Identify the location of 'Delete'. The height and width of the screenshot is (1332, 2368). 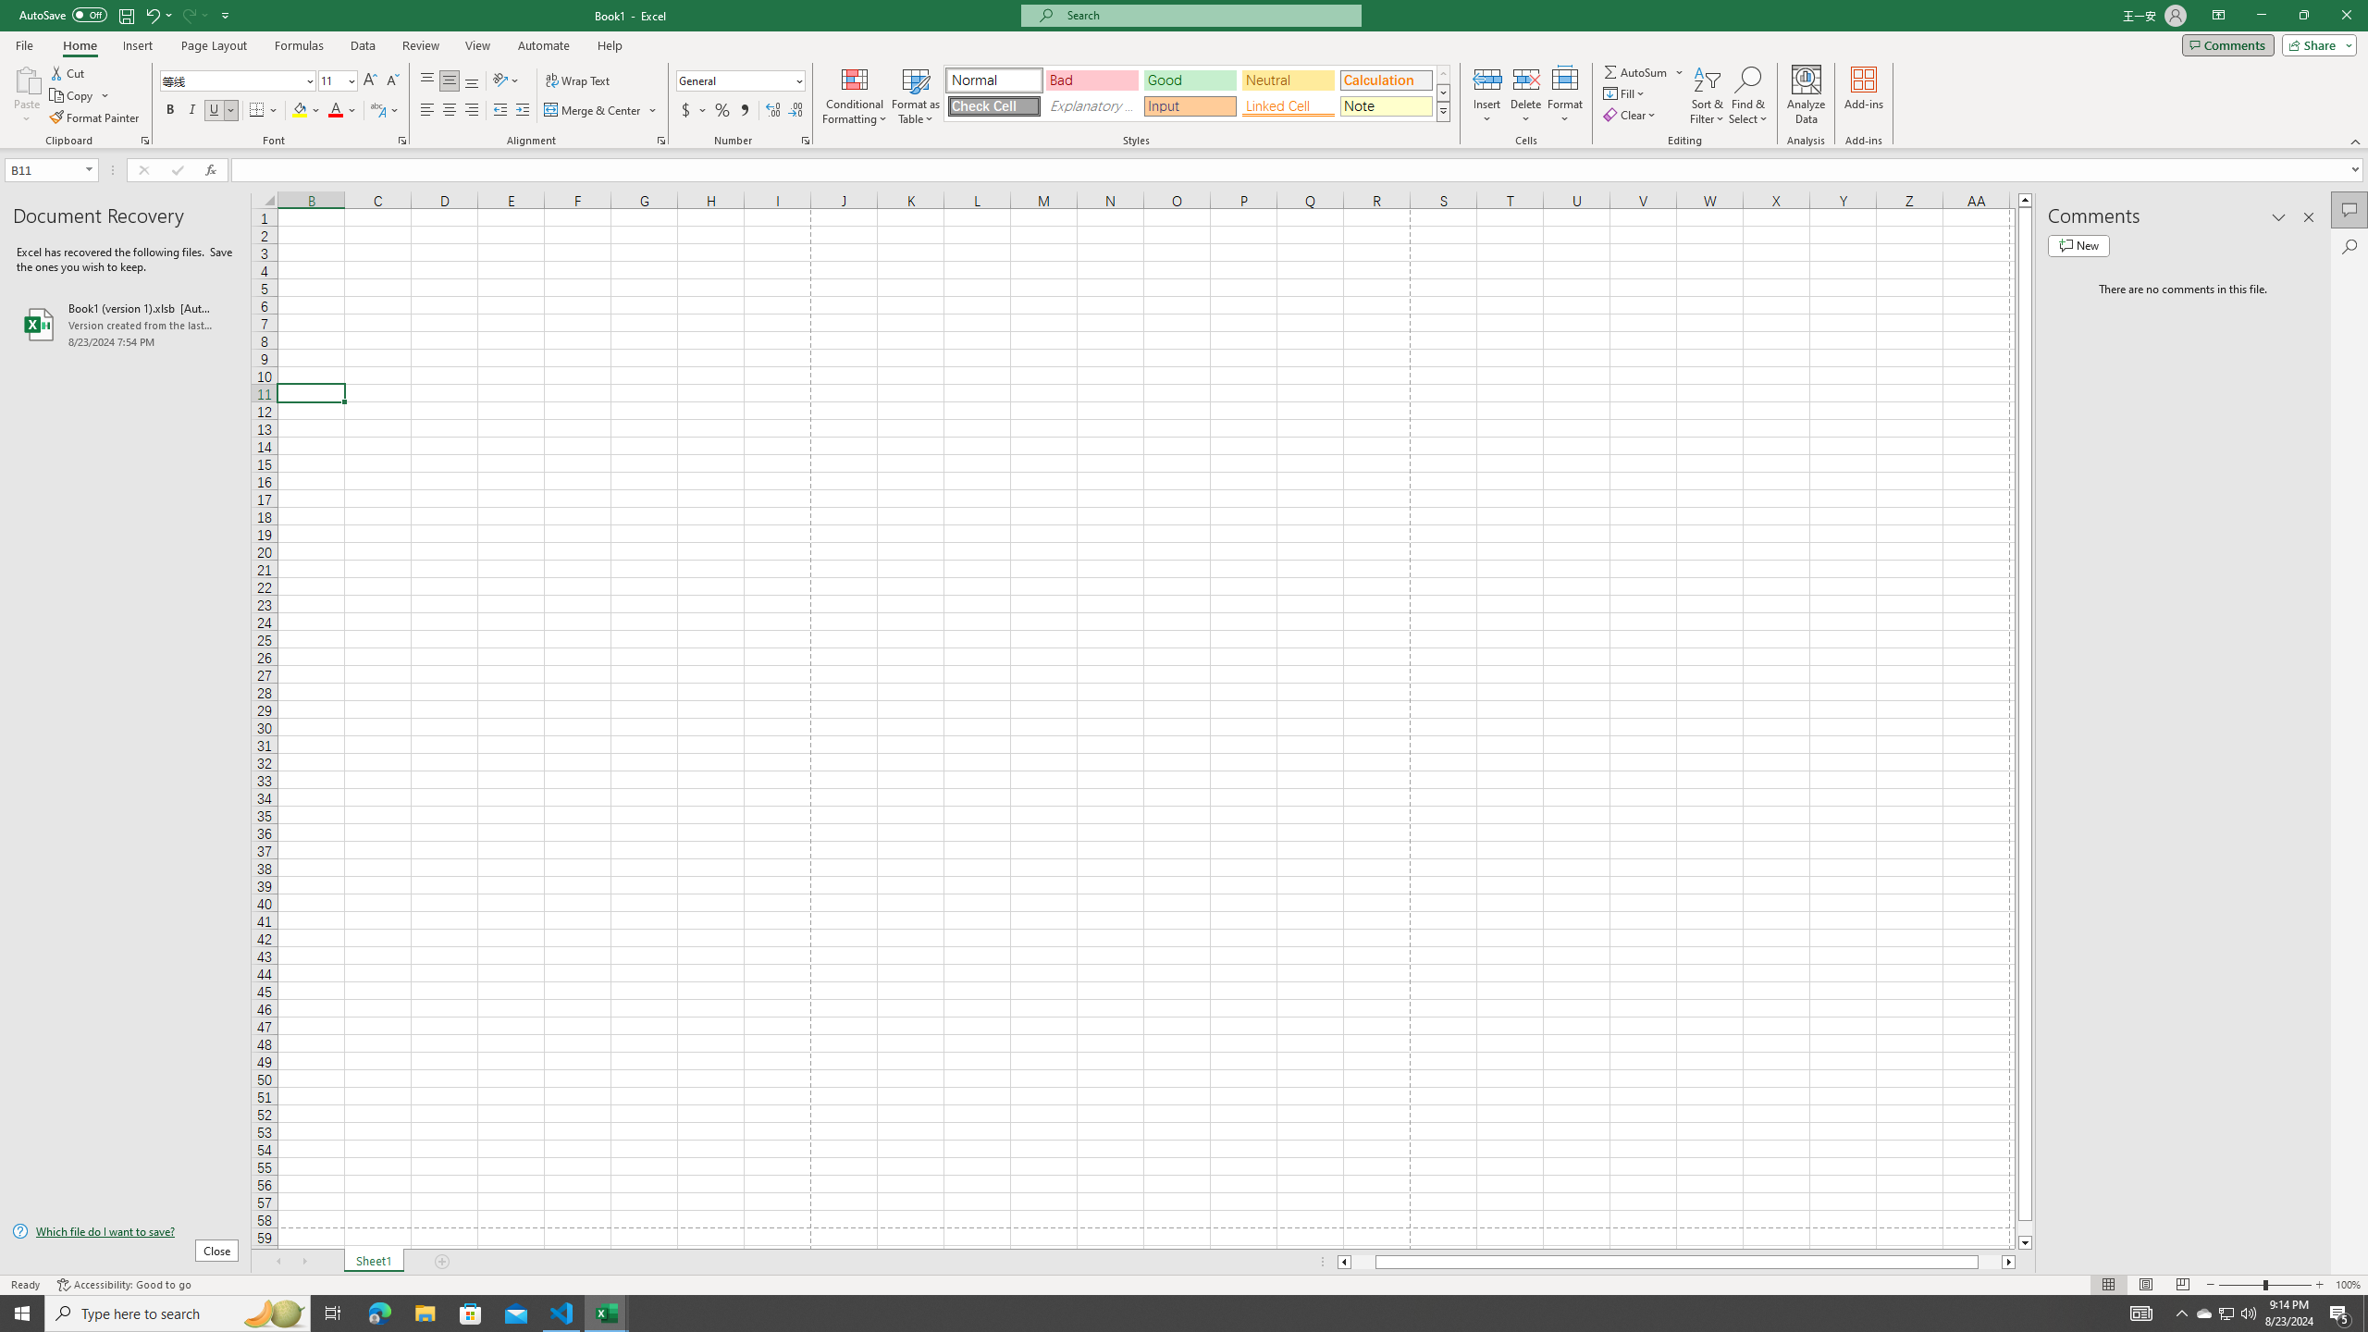
(1524, 95).